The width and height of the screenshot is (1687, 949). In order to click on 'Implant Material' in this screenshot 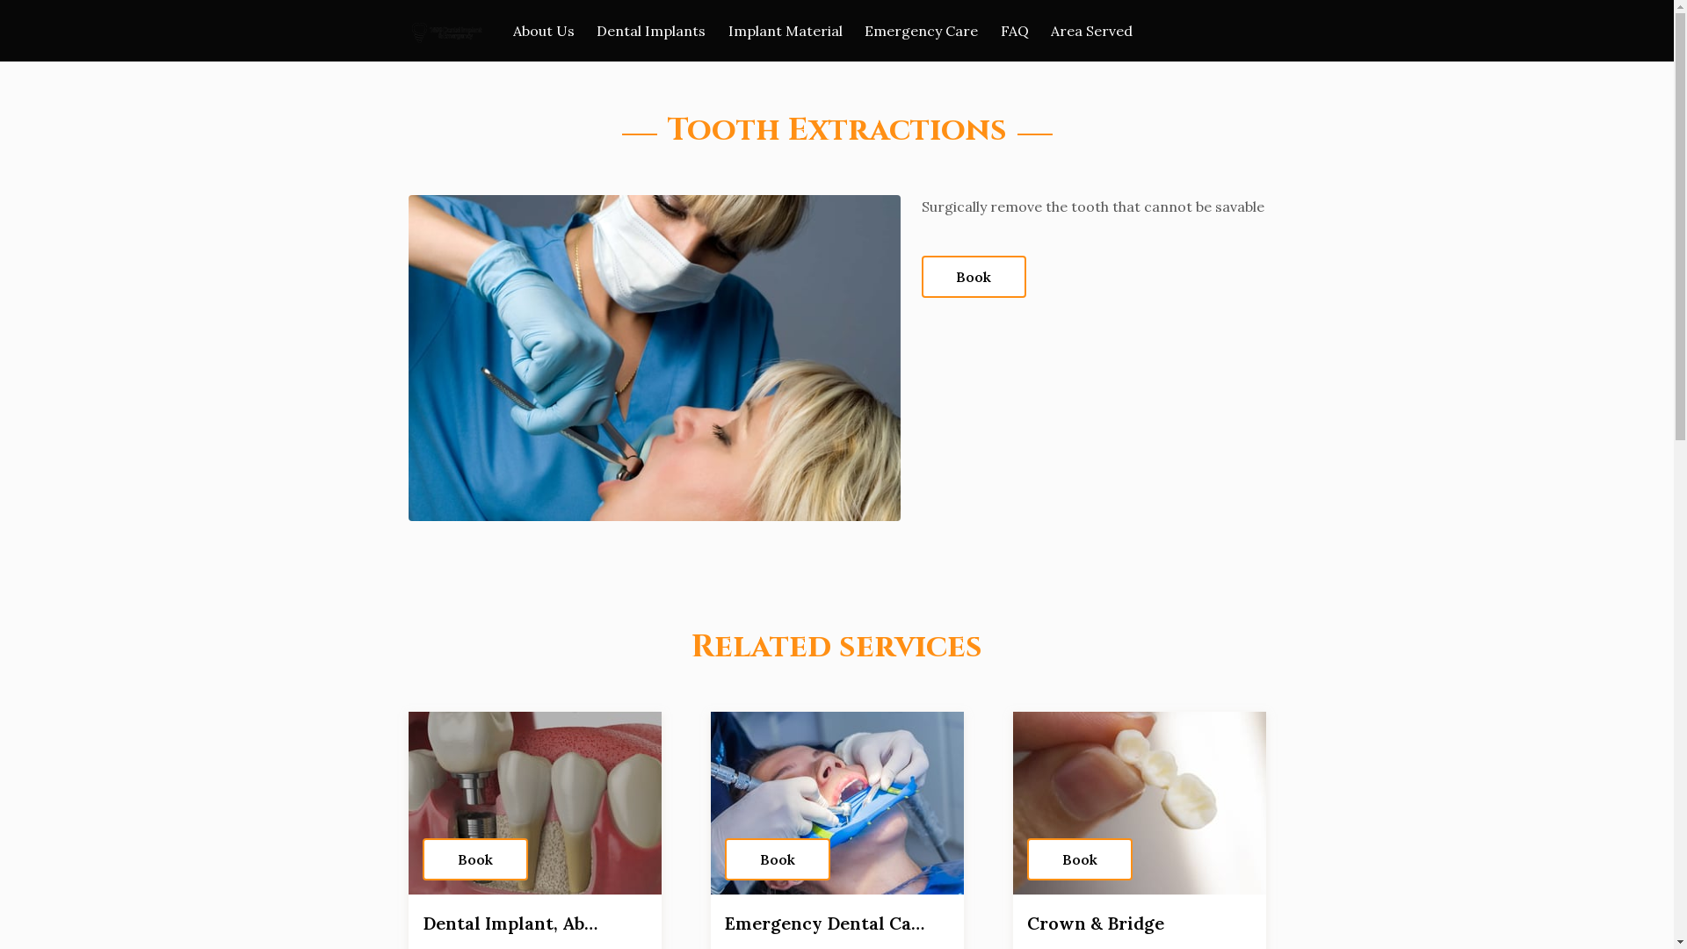, I will do `click(784, 30)`.